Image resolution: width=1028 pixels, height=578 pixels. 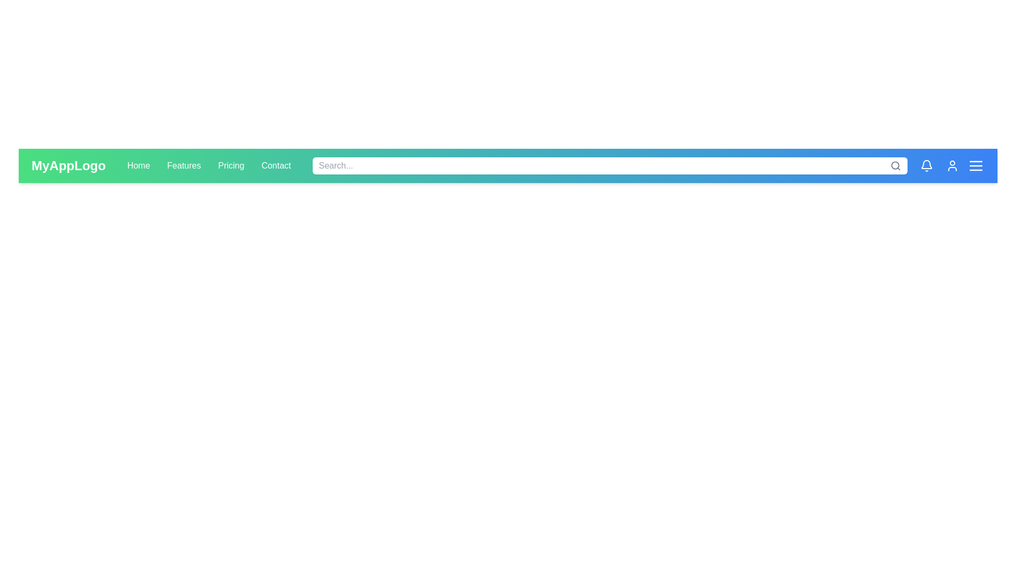 What do you see at coordinates (138, 165) in the screenshot?
I see `the first hyperlink in the horizontal navigation bar, located immediately to the right of 'MyAppLogo'` at bounding box center [138, 165].